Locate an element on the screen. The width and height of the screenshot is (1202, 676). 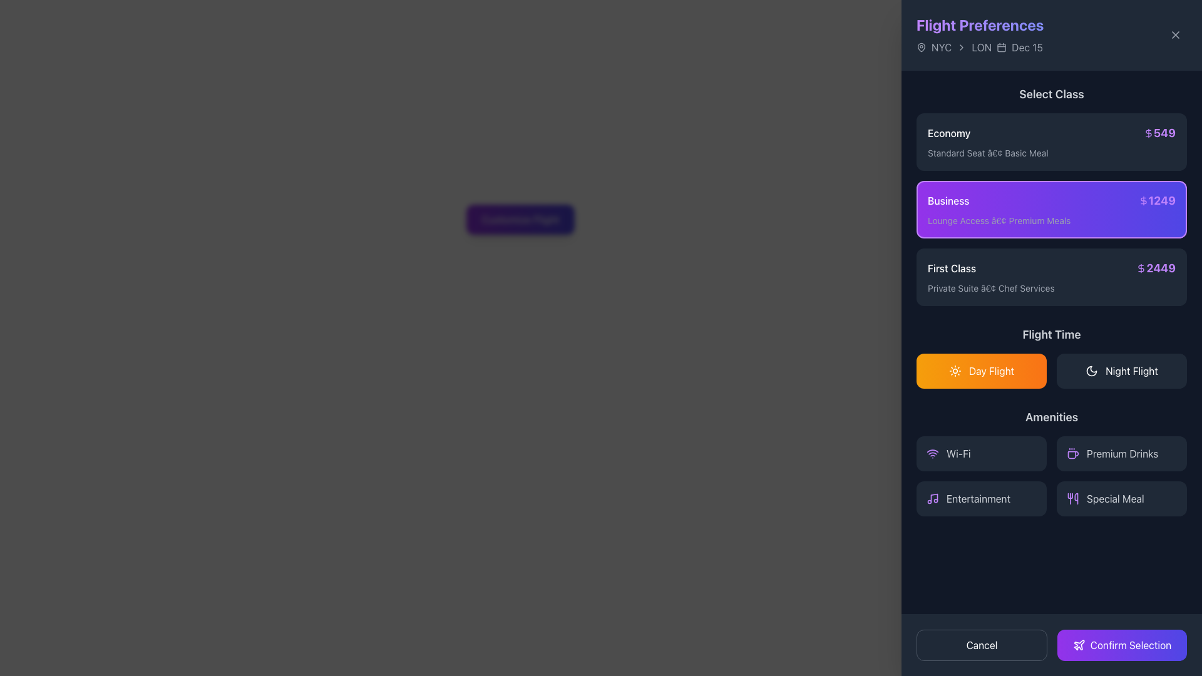
the header text 'Amenities' which is displayed in bold light gray font within the dark-themed 'Flight Preferences' interface, located above the amenities grid is located at coordinates (1052, 417).